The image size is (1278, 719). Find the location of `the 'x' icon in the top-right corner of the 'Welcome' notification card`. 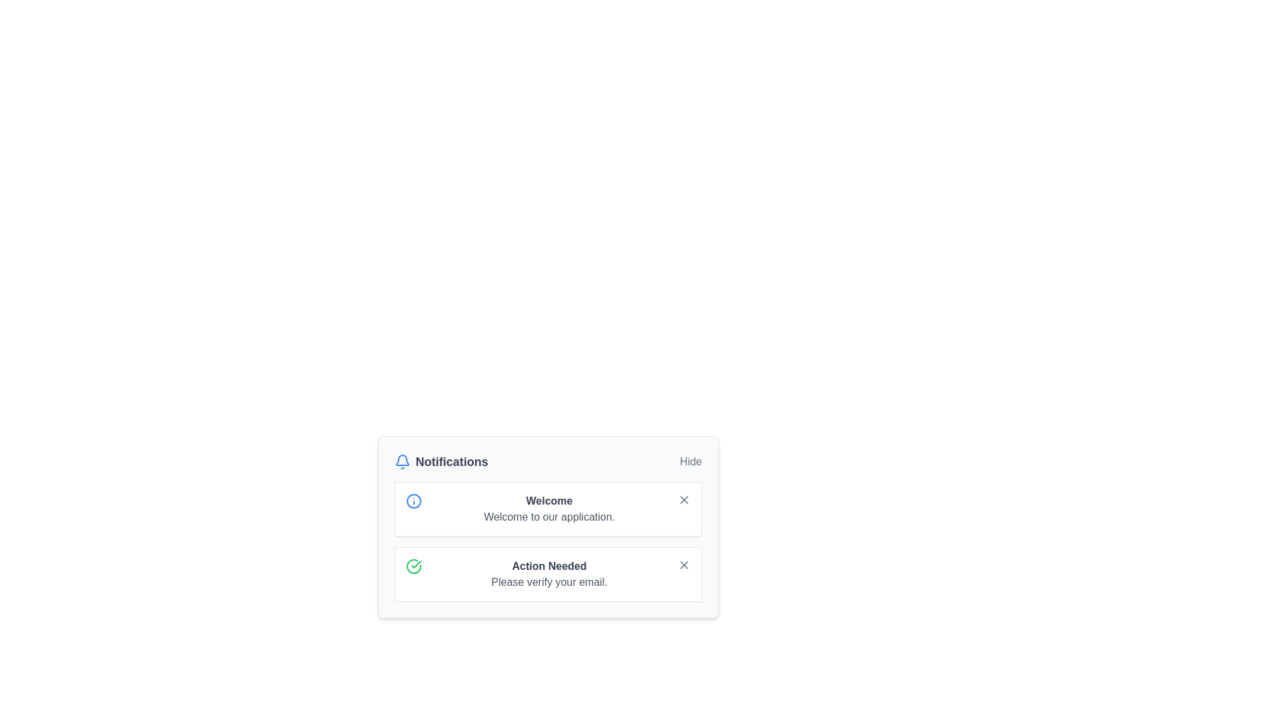

the 'x' icon in the top-right corner of the 'Welcome' notification card is located at coordinates (684, 500).